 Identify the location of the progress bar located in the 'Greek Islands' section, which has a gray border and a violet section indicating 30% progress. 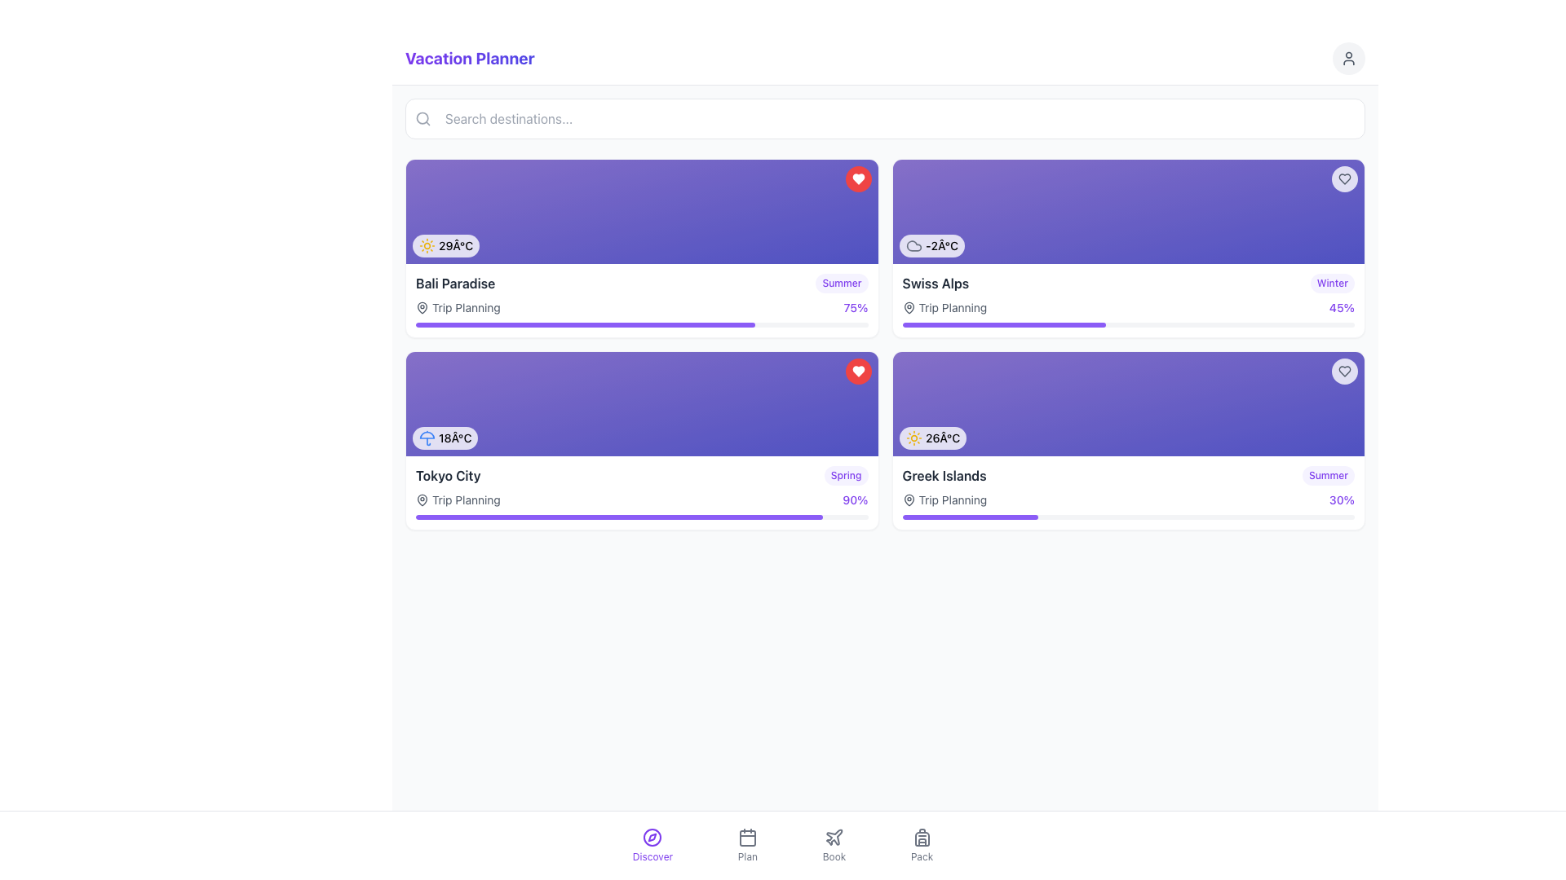
(1127, 517).